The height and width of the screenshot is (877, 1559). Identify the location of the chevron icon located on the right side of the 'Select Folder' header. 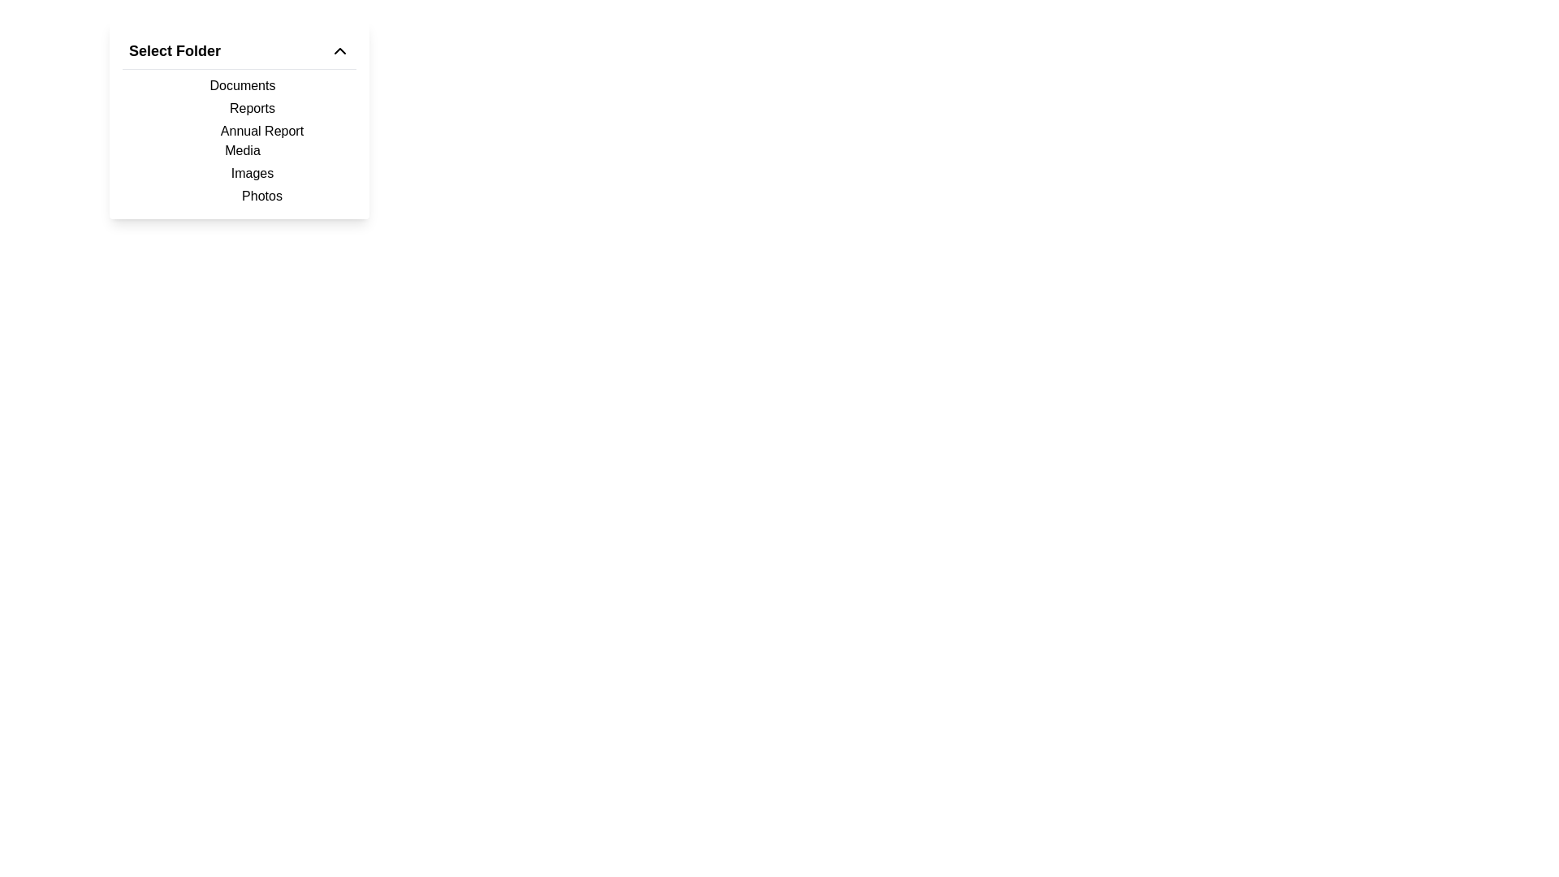
(339, 50).